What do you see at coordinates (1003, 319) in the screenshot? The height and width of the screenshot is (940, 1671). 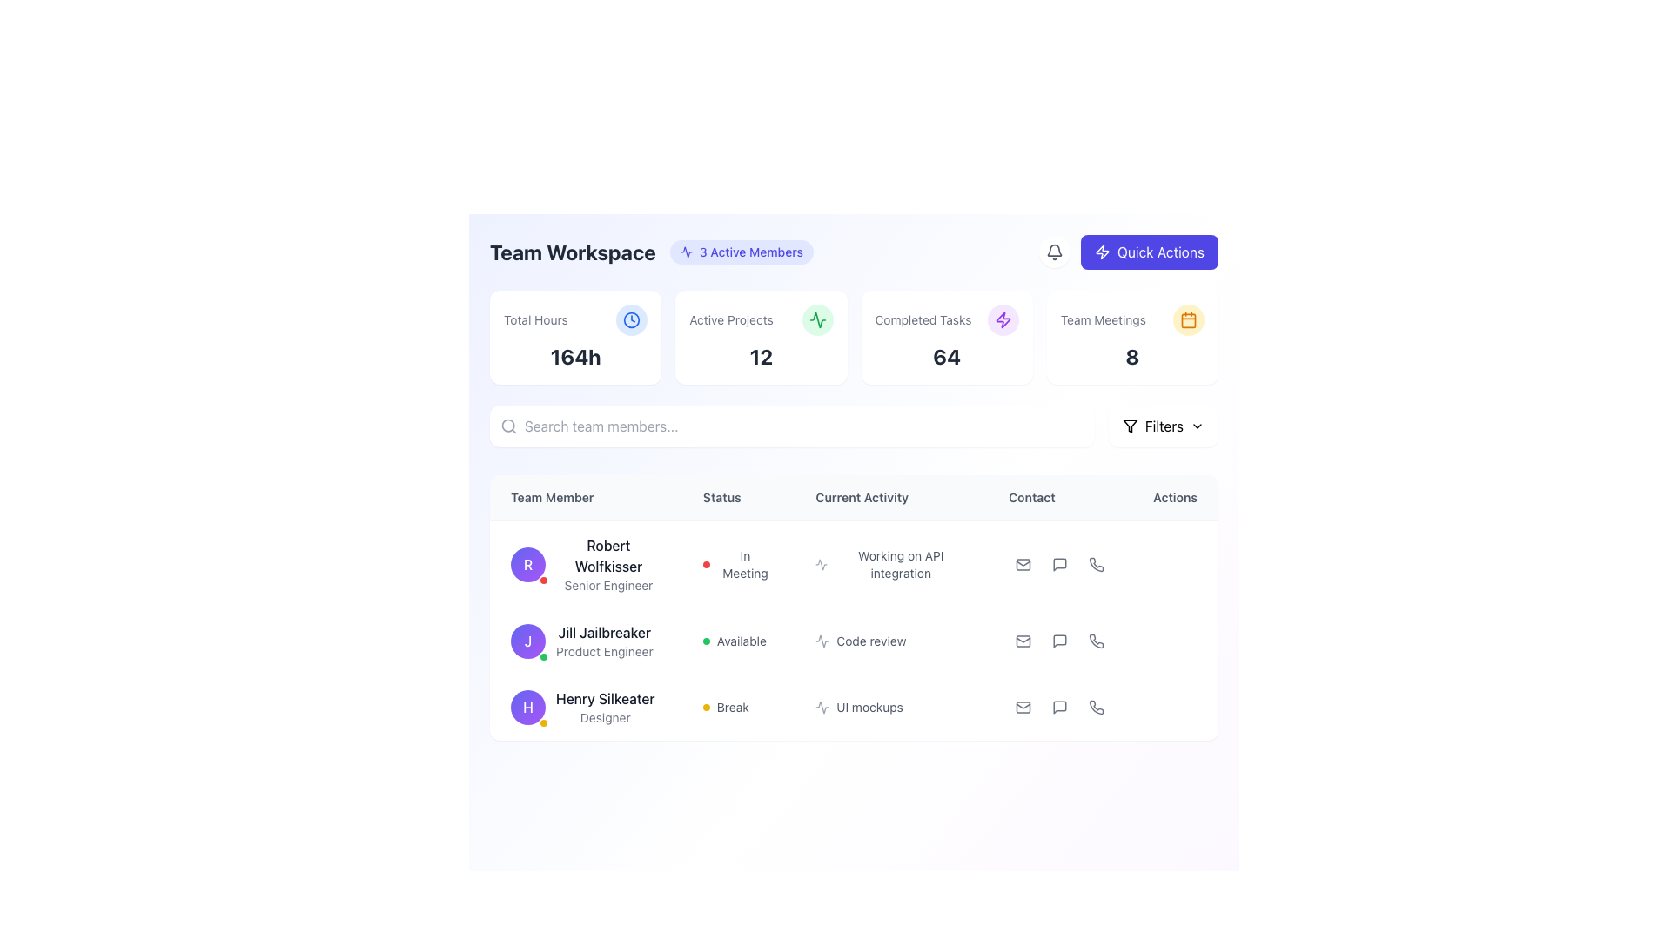 I see `the decorative graphical icon located at the top center-right of the interface, adjacent to the numerical indicator '64' under the 'Completed Tasks' section` at bounding box center [1003, 319].